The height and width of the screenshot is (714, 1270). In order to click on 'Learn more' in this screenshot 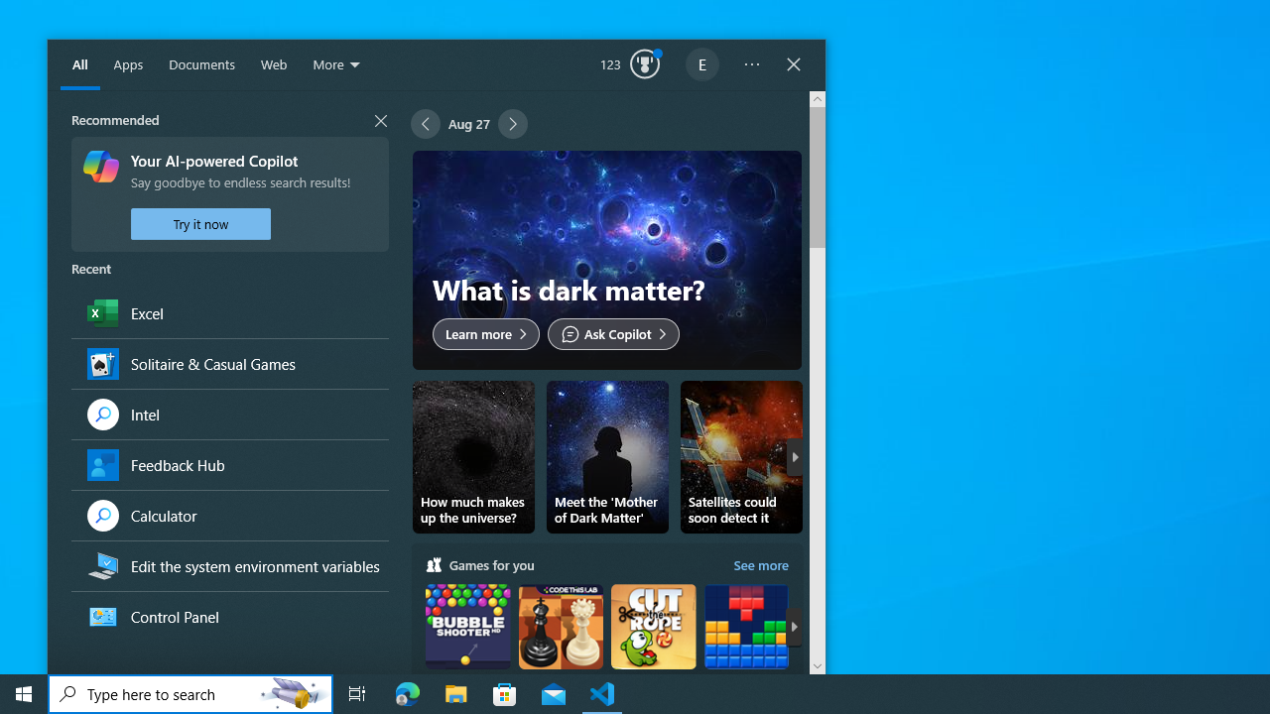, I will do `click(486, 332)`.